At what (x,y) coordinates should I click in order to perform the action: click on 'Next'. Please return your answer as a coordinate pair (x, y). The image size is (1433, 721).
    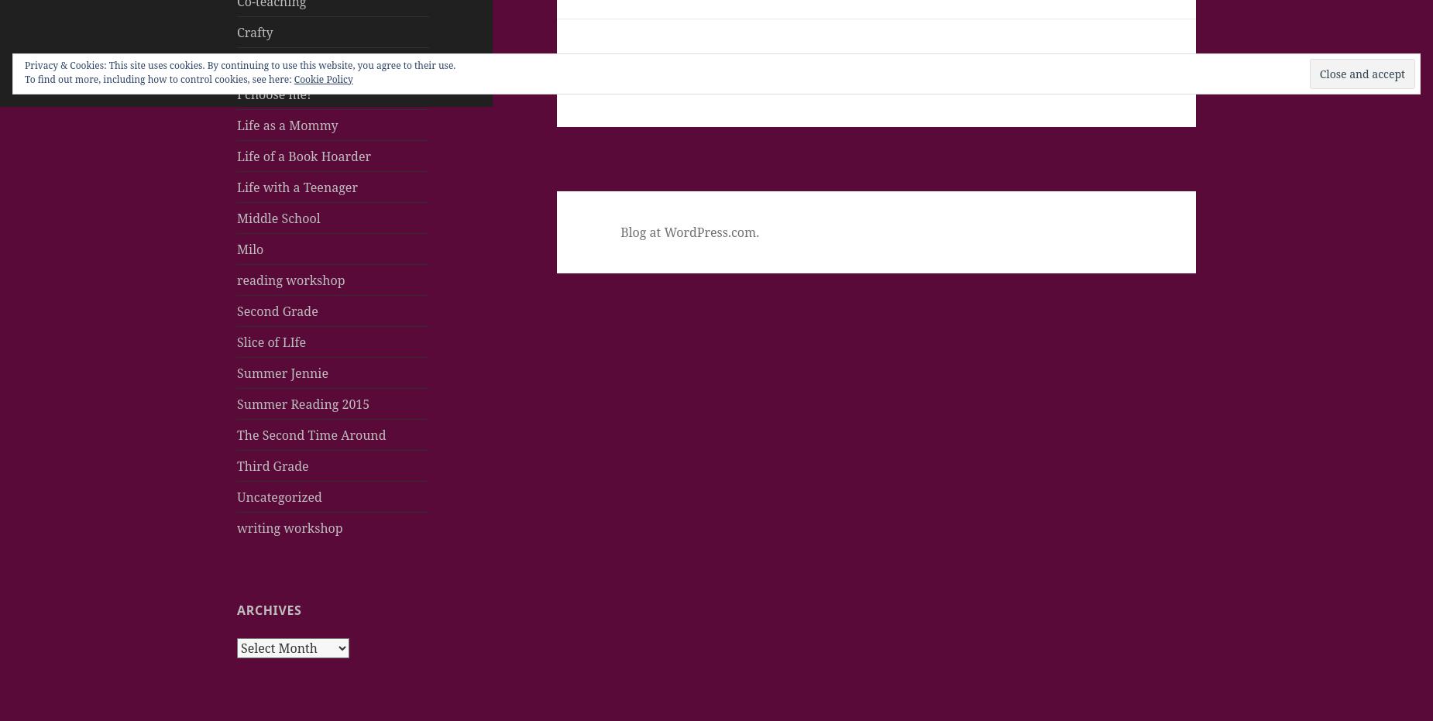
    Looking at the image, I should click on (637, 60).